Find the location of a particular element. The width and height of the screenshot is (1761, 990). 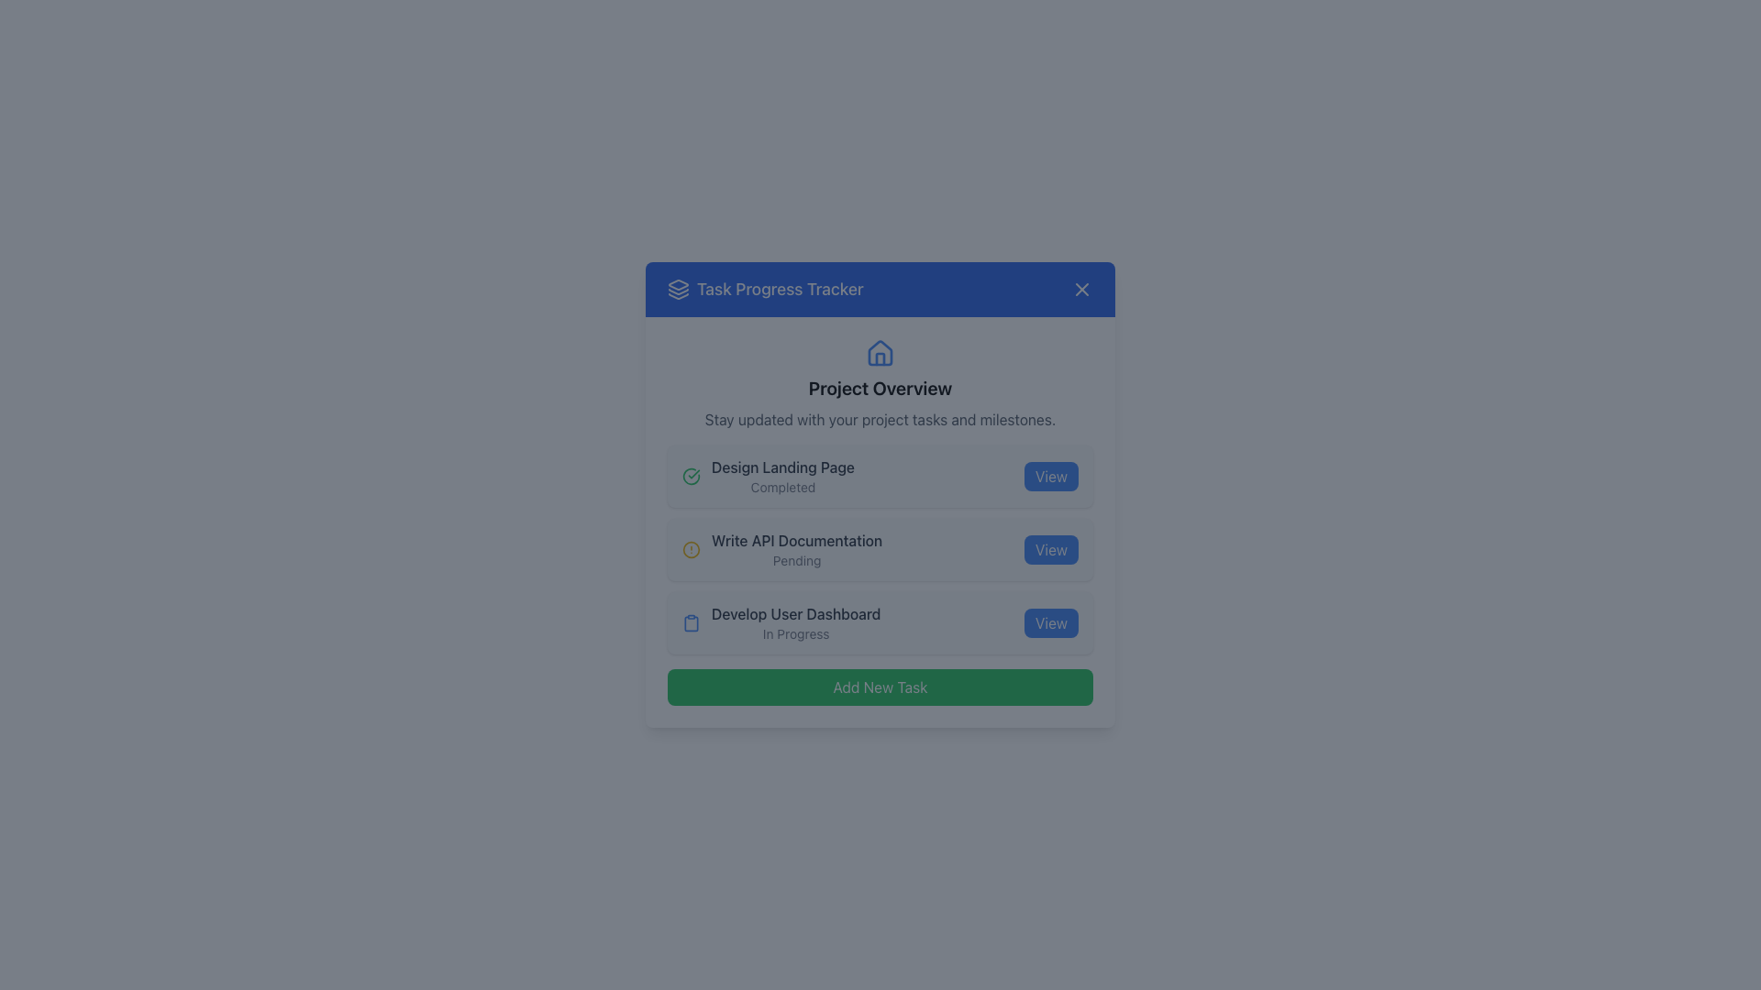

text label that serves as the title for the section, positioned centrally below the house icon and above the text 'Stay updated with your project tasks and milestones.' is located at coordinates (880, 388).